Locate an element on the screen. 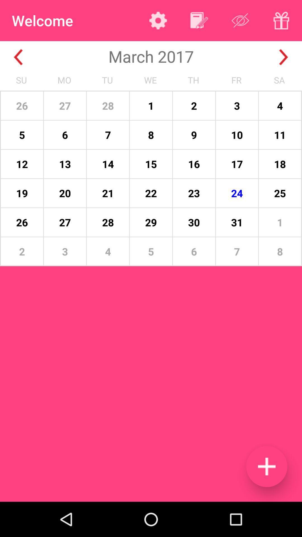 The image size is (302, 537). go do next is located at coordinates (284, 57).